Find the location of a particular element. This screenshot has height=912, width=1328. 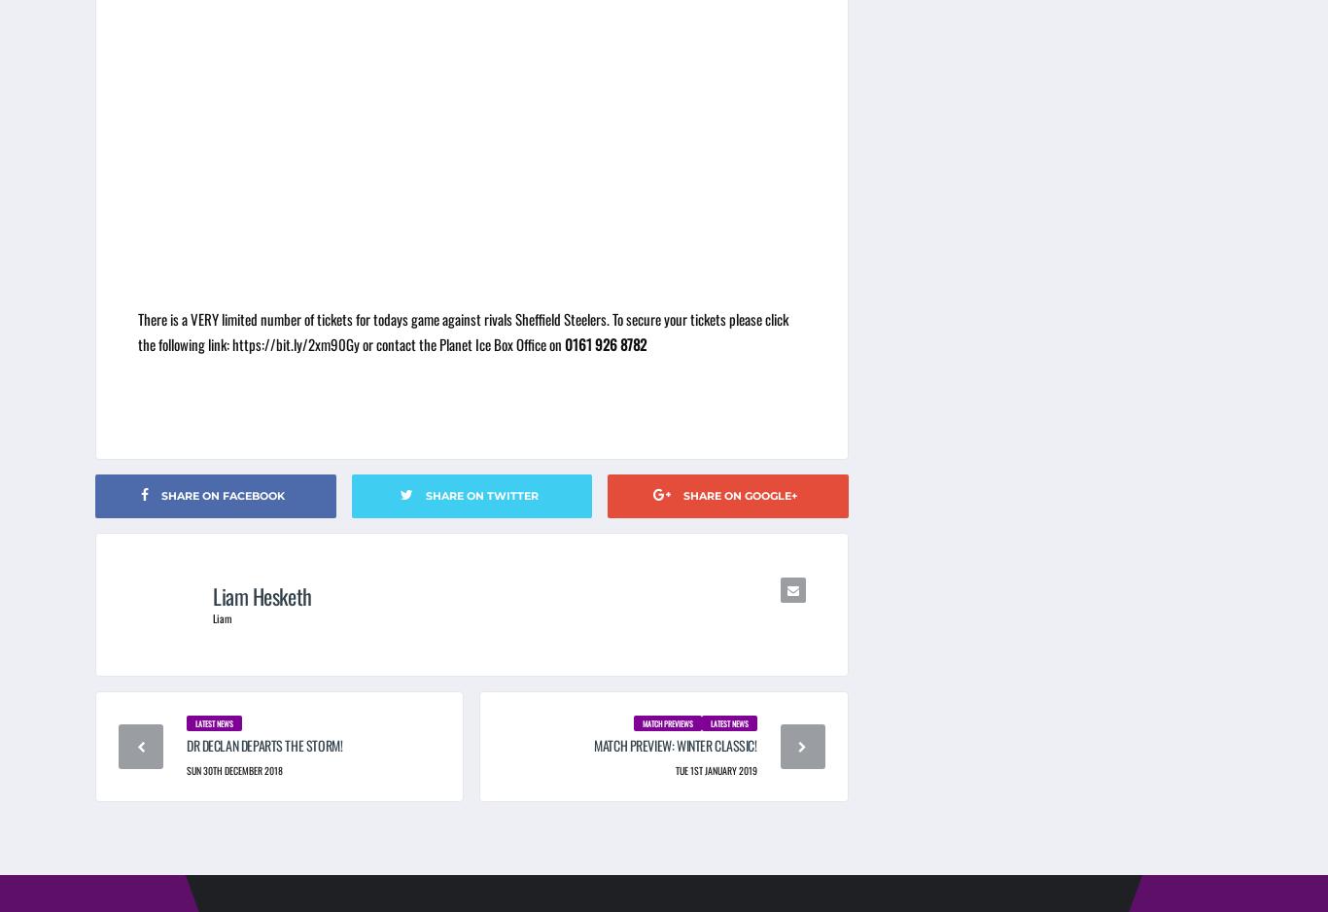

'Share on Twitter' is located at coordinates (481, 494).